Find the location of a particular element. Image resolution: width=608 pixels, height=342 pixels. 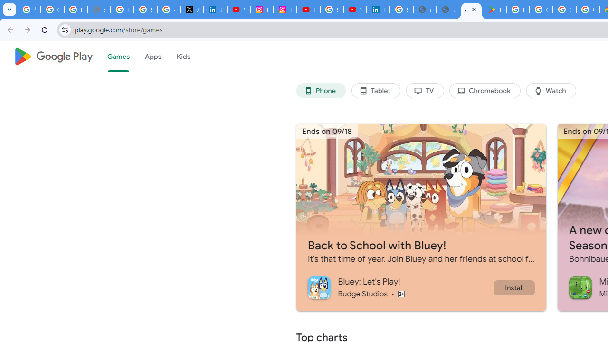

'Watch' is located at coordinates (551, 91).